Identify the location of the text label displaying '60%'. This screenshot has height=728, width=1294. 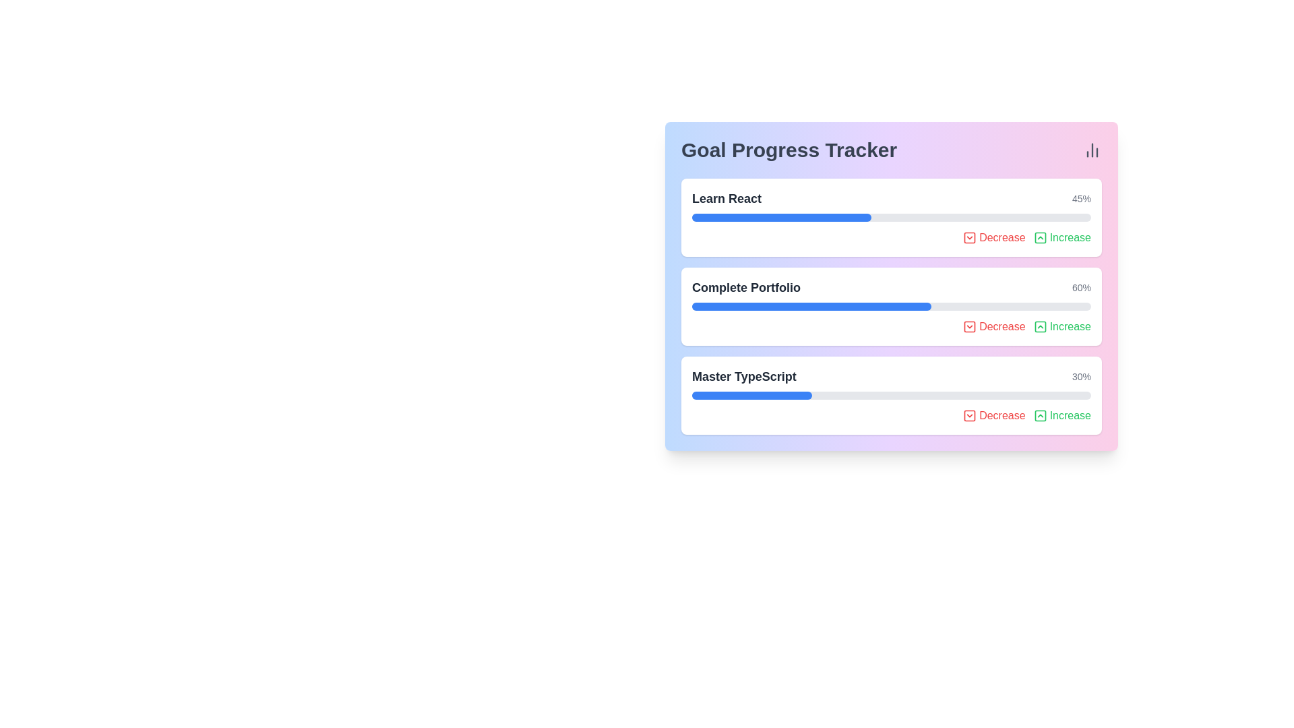
(1081, 287).